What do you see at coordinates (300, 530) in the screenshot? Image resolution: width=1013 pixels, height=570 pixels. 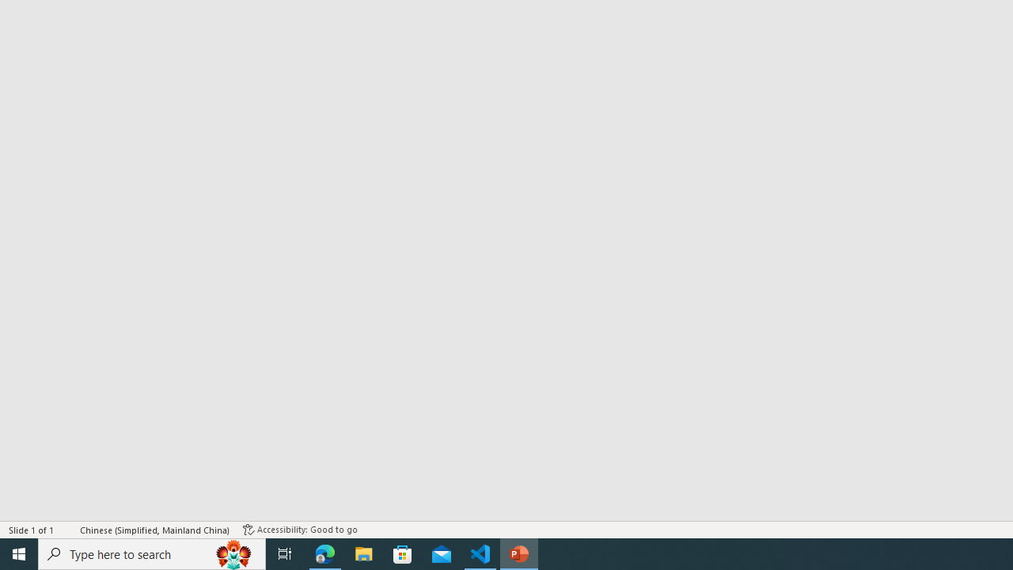 I see `'Accessibility Checker Accessibility: Good to go'` at bounding box center [300, 530].